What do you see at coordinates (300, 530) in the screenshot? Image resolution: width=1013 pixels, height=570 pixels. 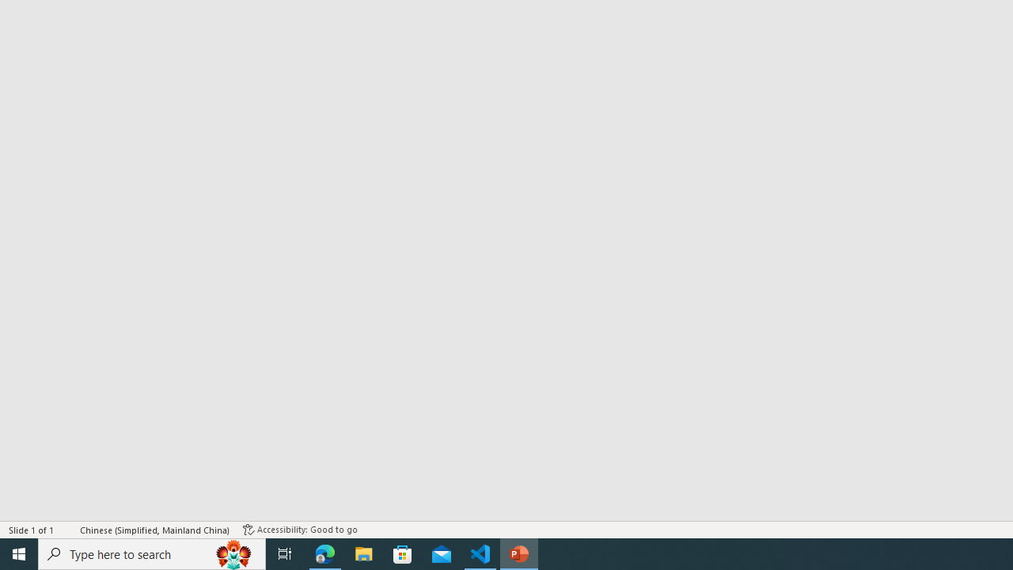 I see `'Accessibility Checker Accessibility: Good to go'` at bounding box center [300, 530].